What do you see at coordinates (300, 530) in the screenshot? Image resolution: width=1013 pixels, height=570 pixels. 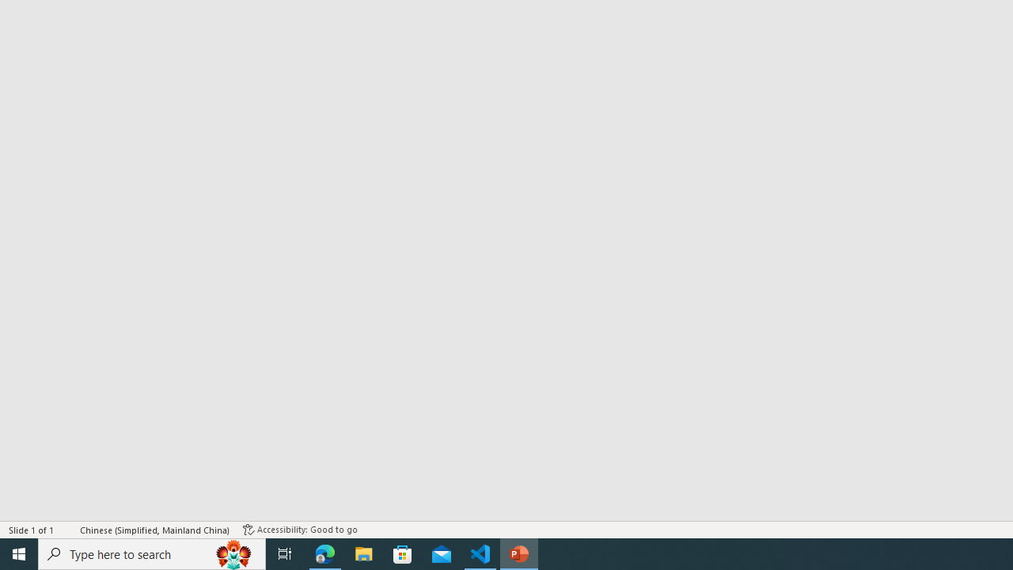 I see `'Accessibility Checker Accessibility: Good to go'` at bounding box center [300, 530].